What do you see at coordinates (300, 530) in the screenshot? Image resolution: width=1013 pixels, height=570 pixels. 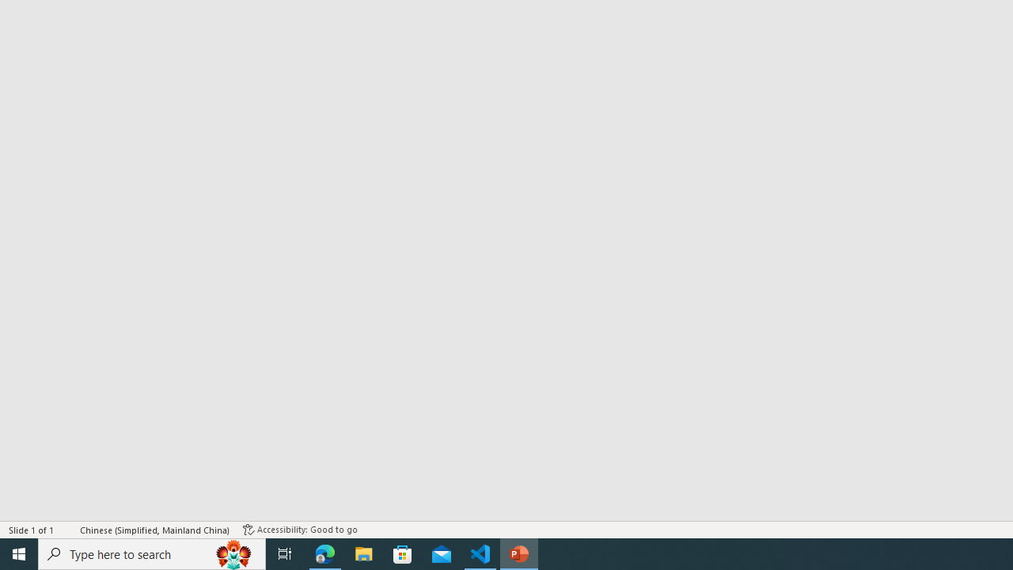 I see `'Accessibility Checker Accessibility: Good to go'` at bounding box center [300, 530].